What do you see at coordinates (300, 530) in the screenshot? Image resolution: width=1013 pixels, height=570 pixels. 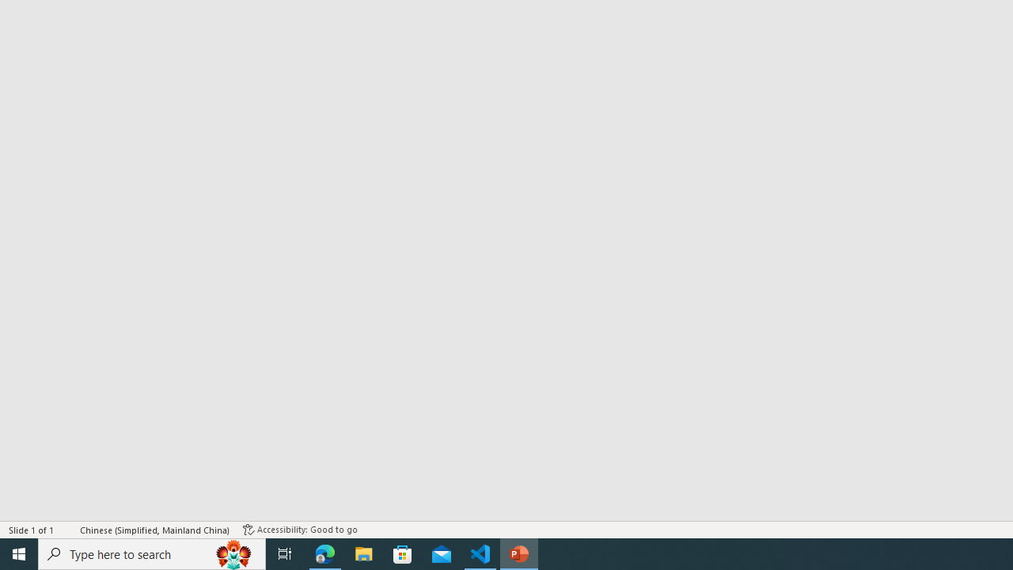 I see `'Accessibility Checker Accessibility: Good to go'` at bounding box center [300, 530].